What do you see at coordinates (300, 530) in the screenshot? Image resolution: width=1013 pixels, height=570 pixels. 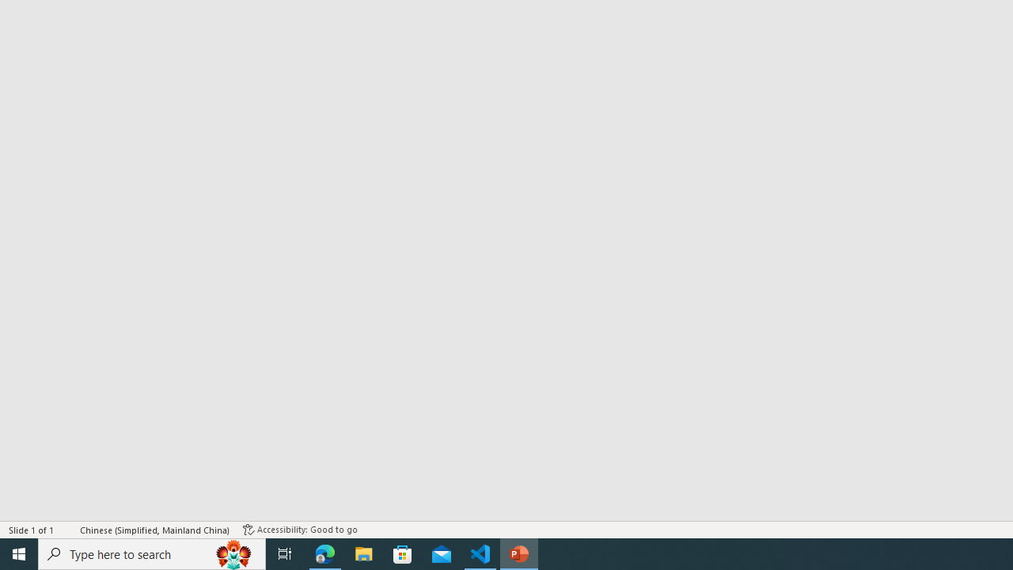 I see `'Accessibility Checker Accessibility: Good to go'` at bounding box center [300, 530].